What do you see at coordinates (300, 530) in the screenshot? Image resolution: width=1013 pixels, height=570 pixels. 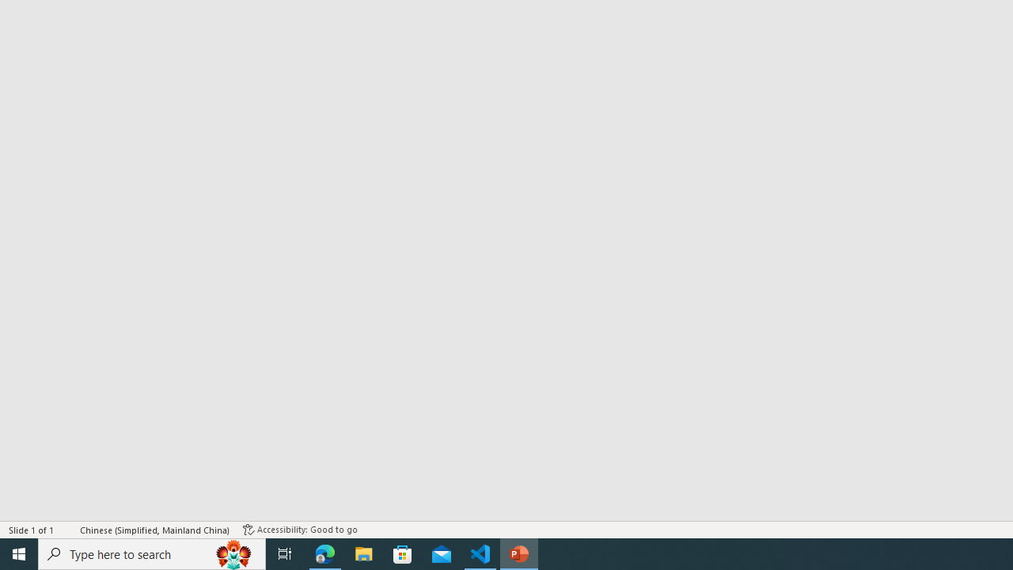 I see `'Accessibility Checker Accessibility: Good to go'` at bounding box center [300, 530].